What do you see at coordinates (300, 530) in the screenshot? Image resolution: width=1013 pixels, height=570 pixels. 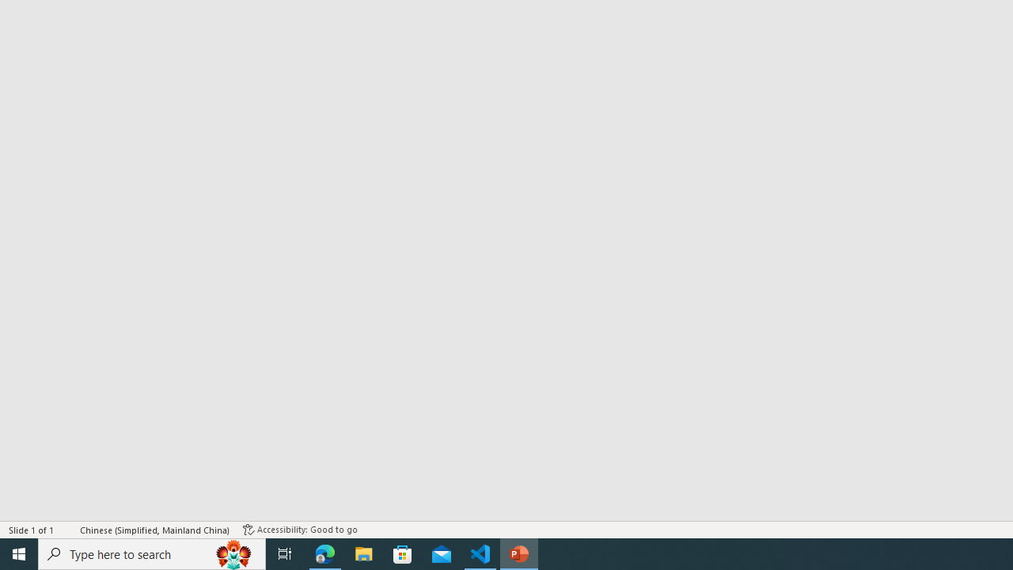 I see `'Accessibility Checker Accessibility: Good to go'` at bounding box center [300, 530].